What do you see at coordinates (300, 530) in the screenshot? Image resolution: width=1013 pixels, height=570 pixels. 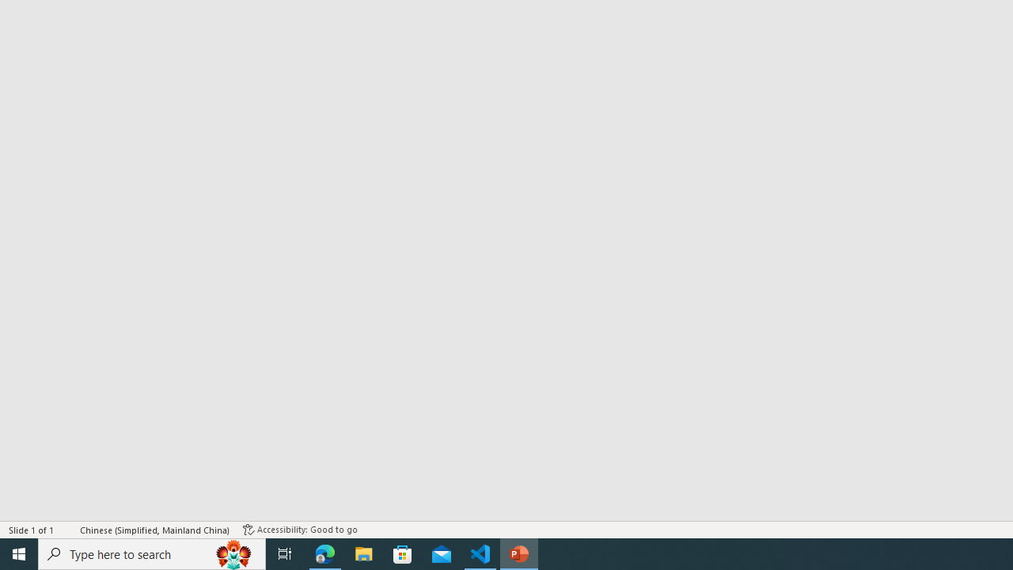 I see `'Accessibility Checker Accessibility: Good to go'` at bounding box center [300, 530].